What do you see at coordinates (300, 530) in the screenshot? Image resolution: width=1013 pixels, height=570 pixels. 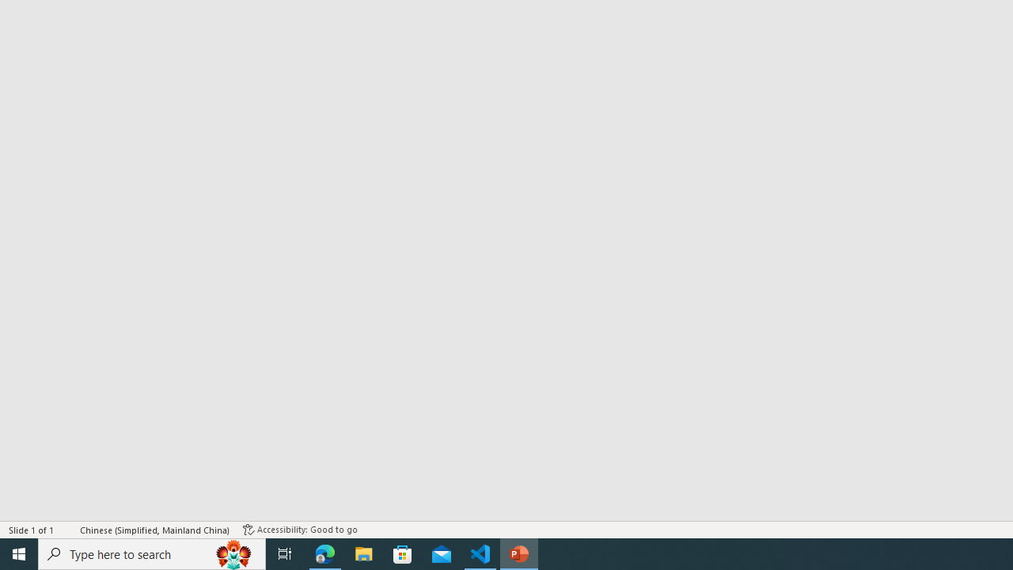 I see `'Accessibility Checker Accessibility: Good to go'` at bounding box center [300, 530].